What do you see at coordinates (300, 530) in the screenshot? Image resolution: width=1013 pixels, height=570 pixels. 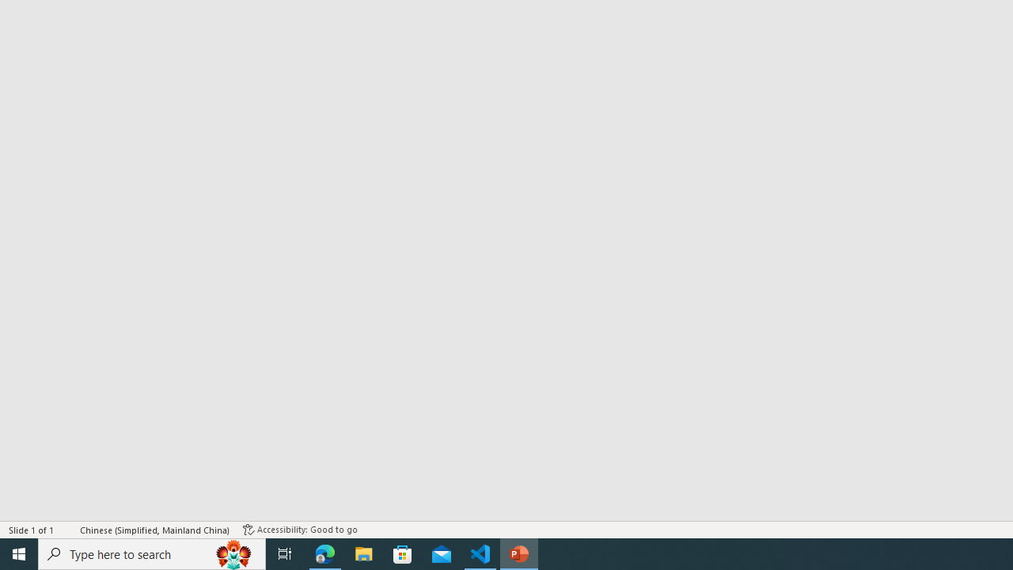 I see `'Accessibility Checker Accessibility: Good to go'` at bounding box center [300, 530].